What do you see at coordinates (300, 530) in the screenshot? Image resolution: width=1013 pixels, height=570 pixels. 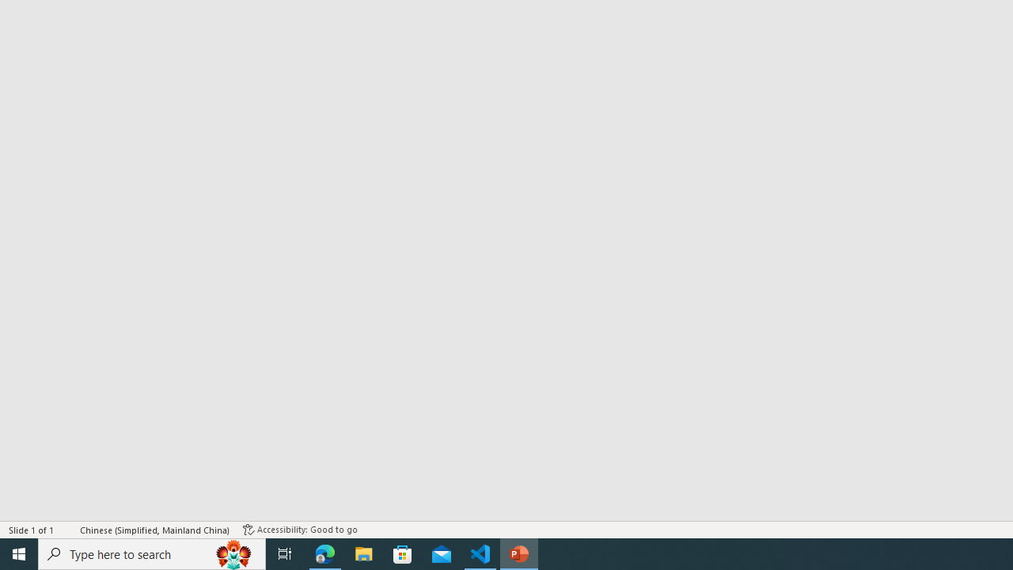 I see `'Accessibility Checker Accessibility: Good to go'` at bounding box center [300, 530].